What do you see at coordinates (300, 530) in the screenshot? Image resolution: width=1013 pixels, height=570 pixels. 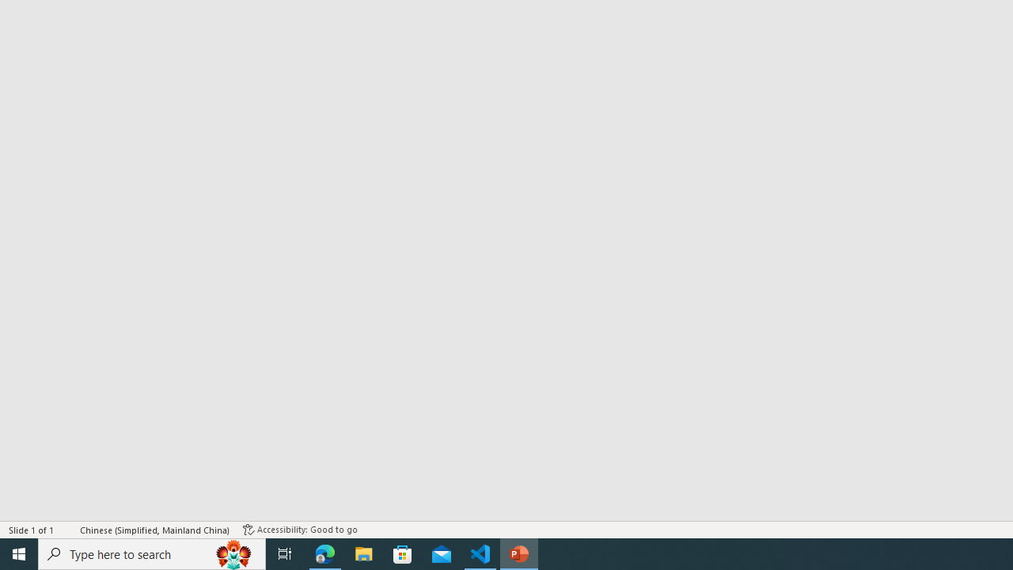 I see `'Accessibility Checker Accessibility: Good to go'` at bounding box center [300, 530].